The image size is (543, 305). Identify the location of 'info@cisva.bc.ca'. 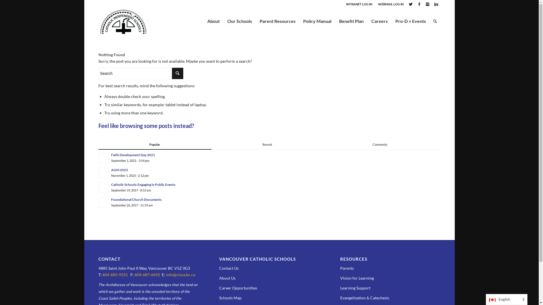
(180, 274).